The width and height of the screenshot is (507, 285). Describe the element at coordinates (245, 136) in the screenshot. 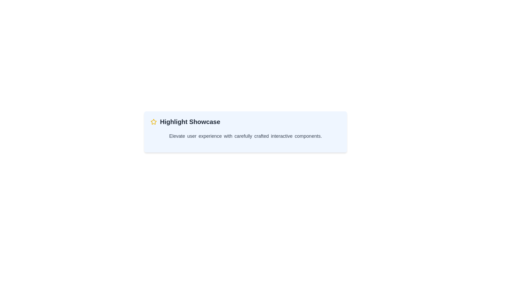

I see `the text section that reads 'Elevate user experience with carefully crafted interactive components.' which is styled with a light-blue background and is located directly underneath the heading 'Highlight Showcase'` at that location.